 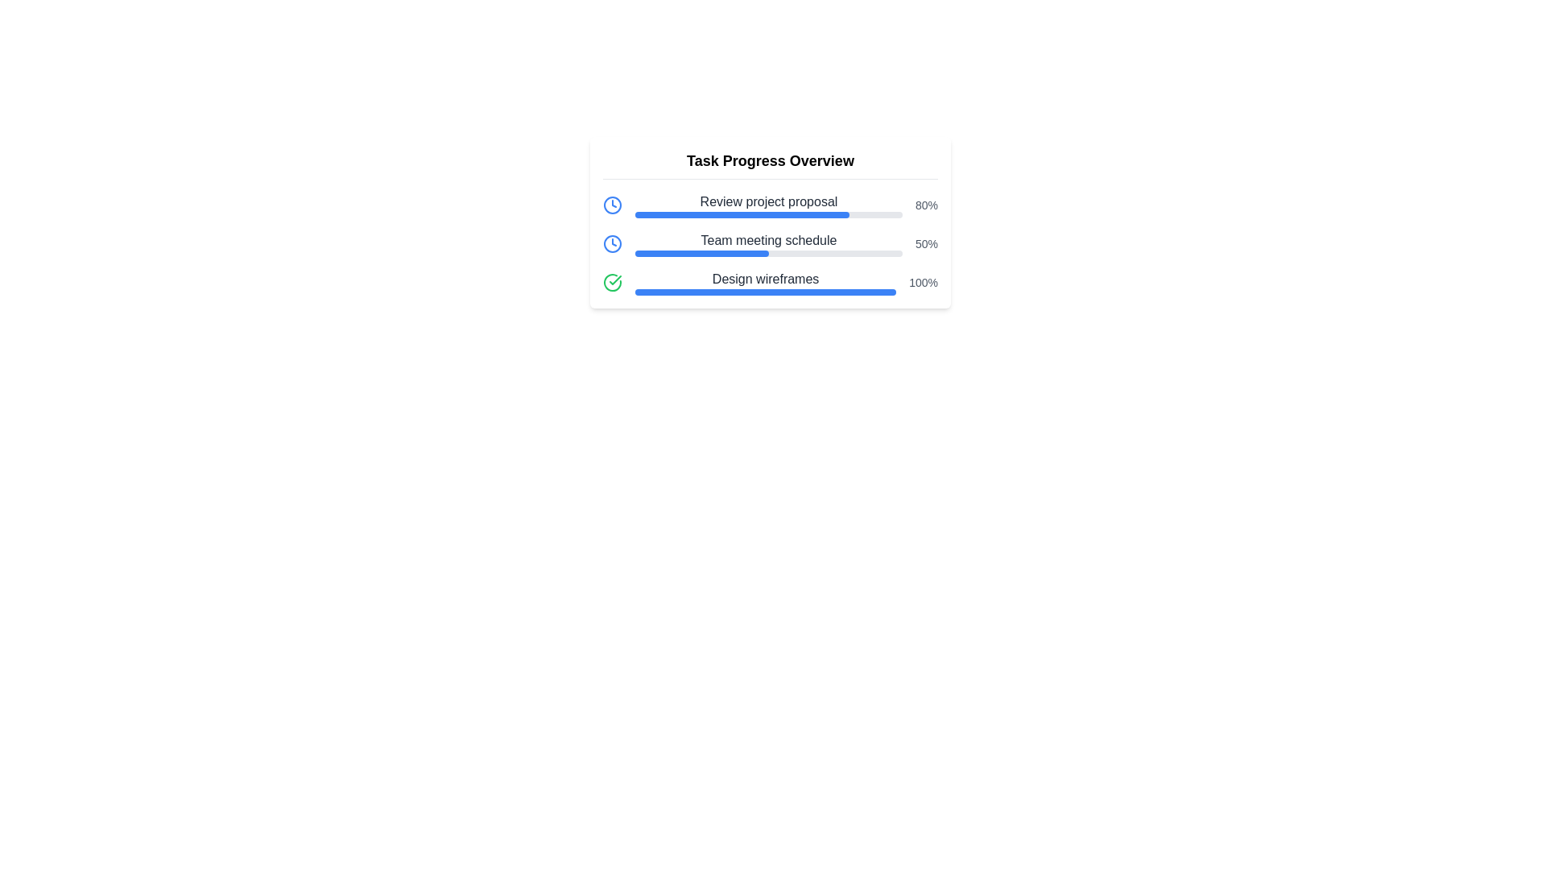 What do you see at coordinates (768, 213) in the screenshot?
I see `the Progress Indicator Bar located within the 'Review project proposal' task item, which indicates a progress level of approximately 80%` at bounding box center [768, 213].